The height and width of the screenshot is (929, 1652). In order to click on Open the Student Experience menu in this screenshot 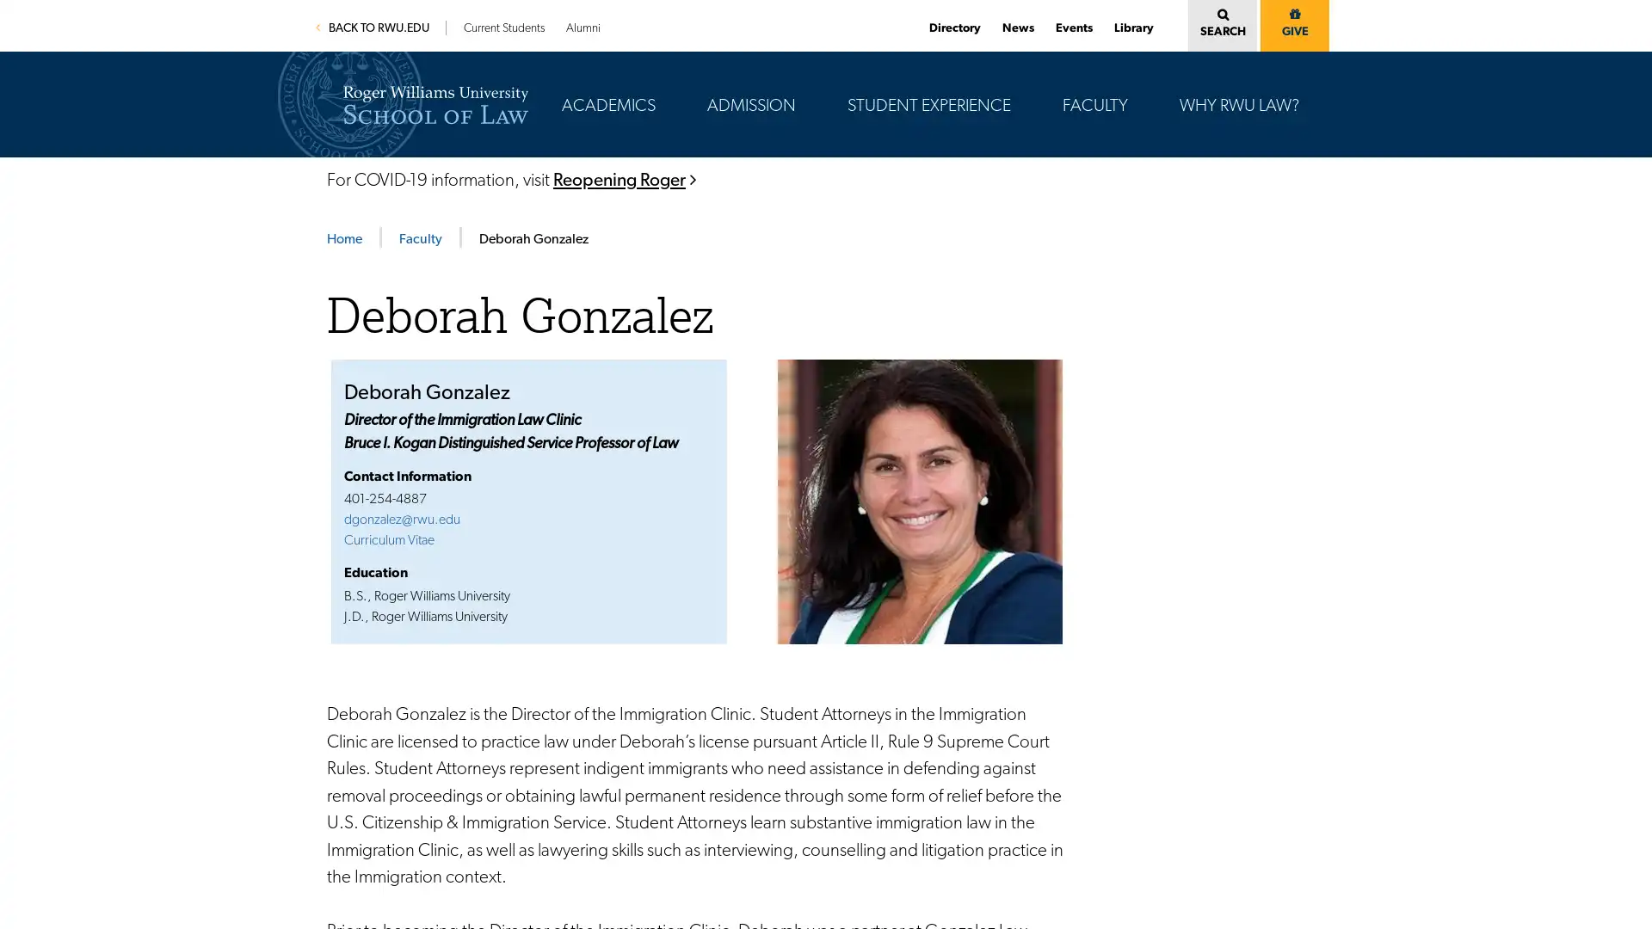, I will do `click(1017, 54)`.